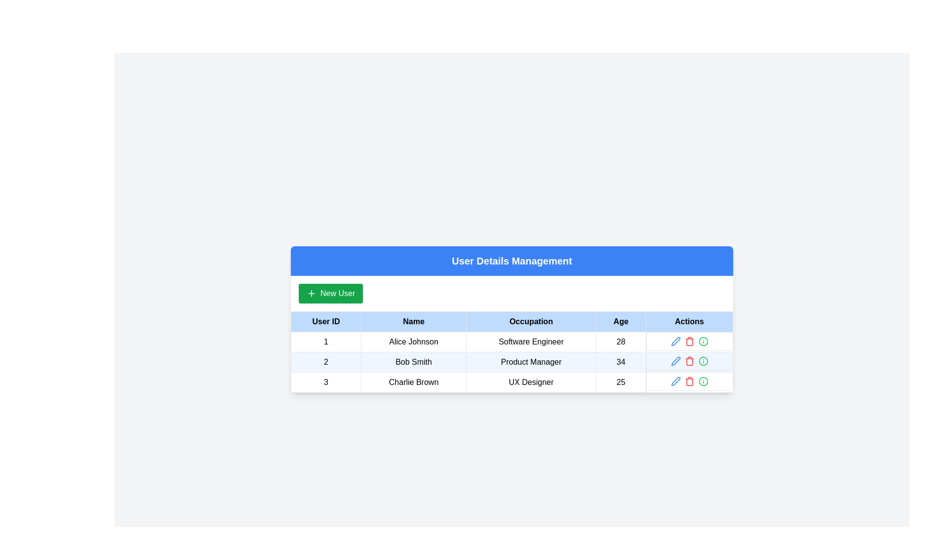 The width and height of the screenshot is (948, 533). Describe the element at coordinates (326, 341) in the screenshot. I see `the table cell displaying '1' in the first row and first column of the 'User Details Management' layout` at that location.